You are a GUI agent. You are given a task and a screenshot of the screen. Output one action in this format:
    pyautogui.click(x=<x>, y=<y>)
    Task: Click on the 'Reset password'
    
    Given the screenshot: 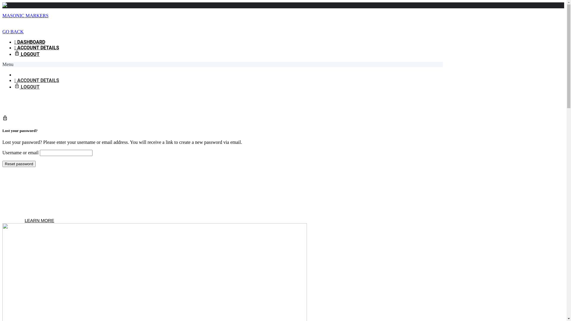 What is the action you would take?
    pyautogui.click(x=19, y=164)
    